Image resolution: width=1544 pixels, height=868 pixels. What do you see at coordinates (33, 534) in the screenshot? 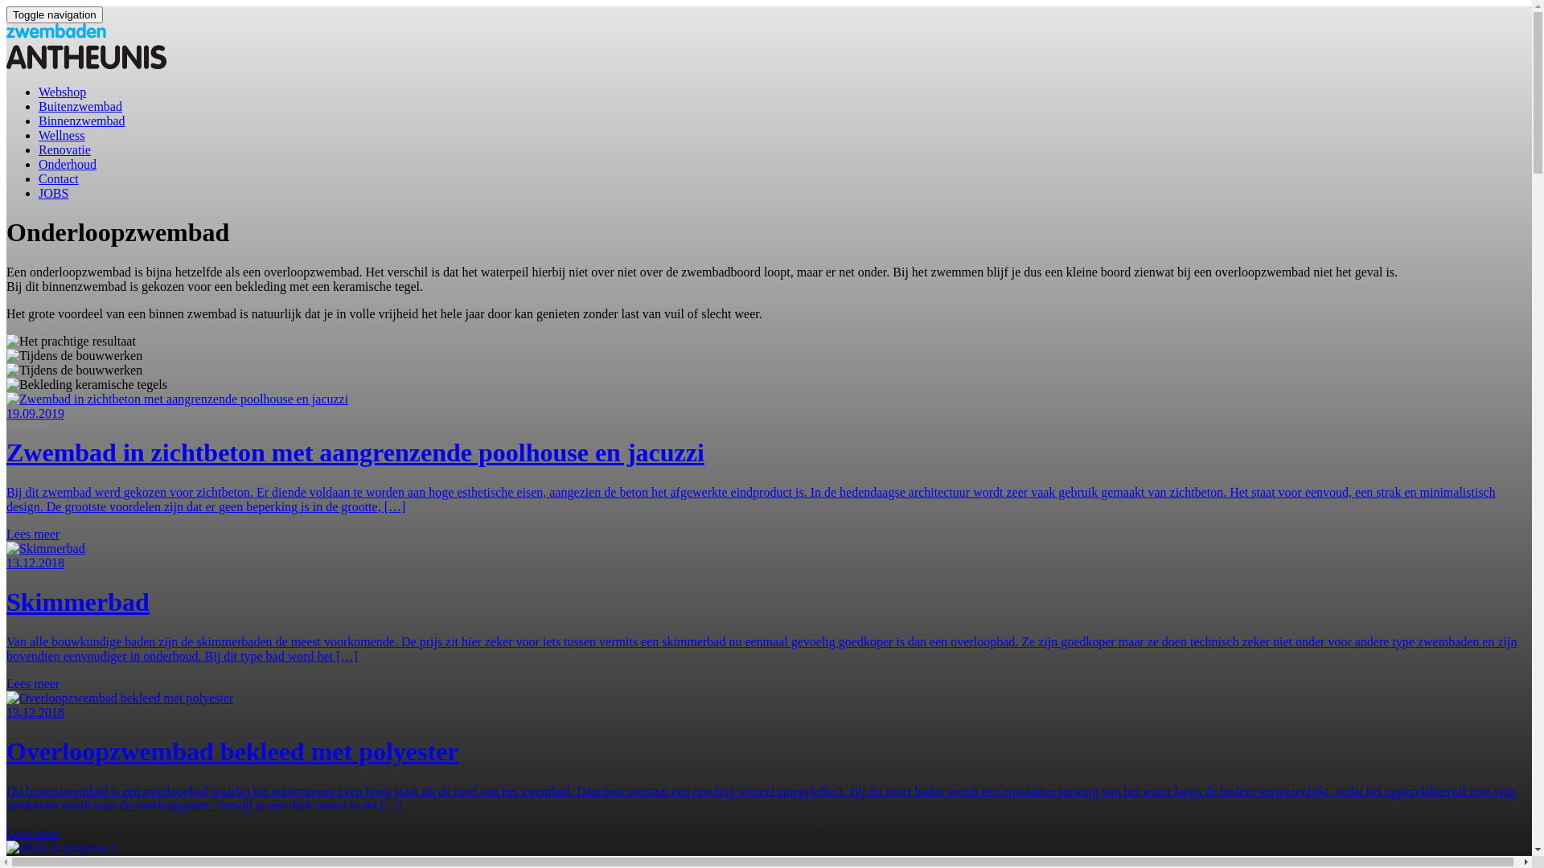
I see `'Lees meer'` at bounding box center [33, 534].